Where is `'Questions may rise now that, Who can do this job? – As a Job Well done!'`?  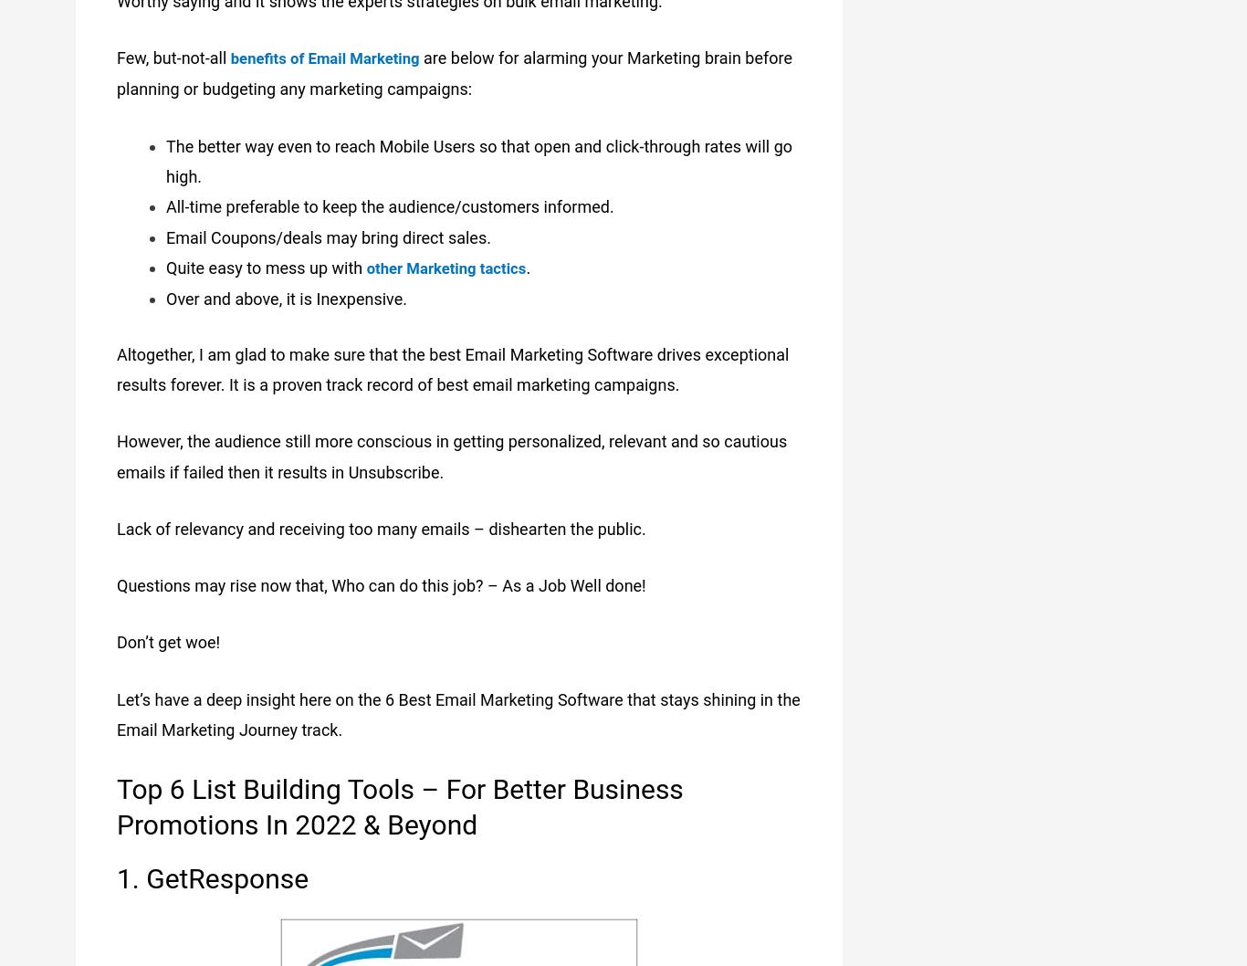
'Questions may rise now that, Who can do this job? – As a Job Well done!' is located at coordinates (380, 582).